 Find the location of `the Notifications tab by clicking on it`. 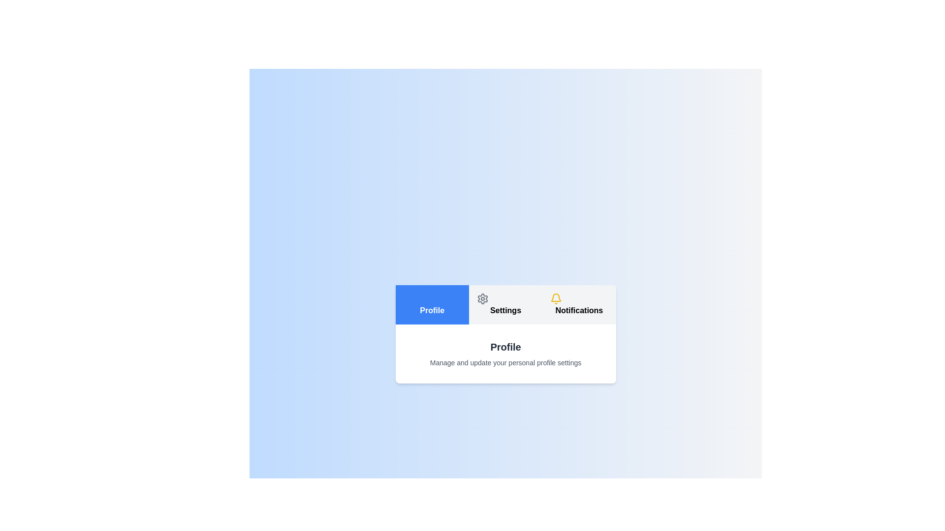

the Notifications tab by clicking on it is located at coordinates (579, 304).